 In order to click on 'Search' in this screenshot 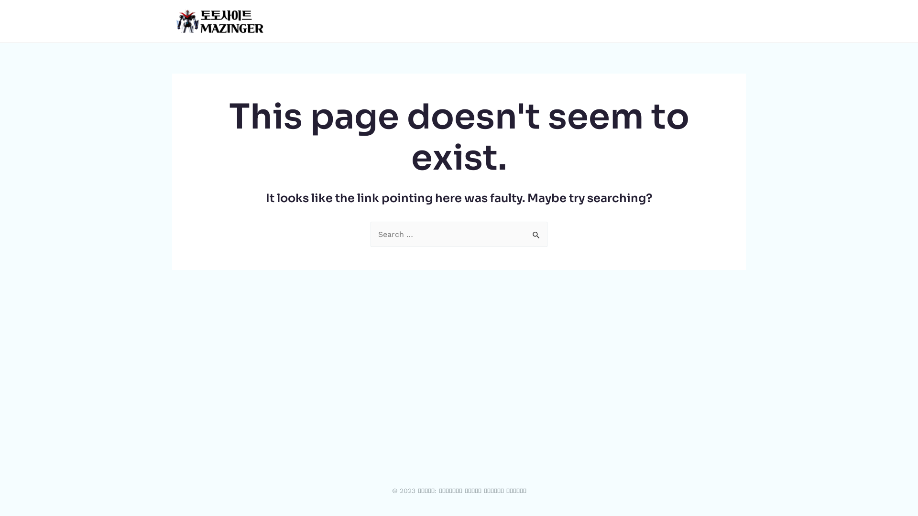, I will do `click(525, 232)`.